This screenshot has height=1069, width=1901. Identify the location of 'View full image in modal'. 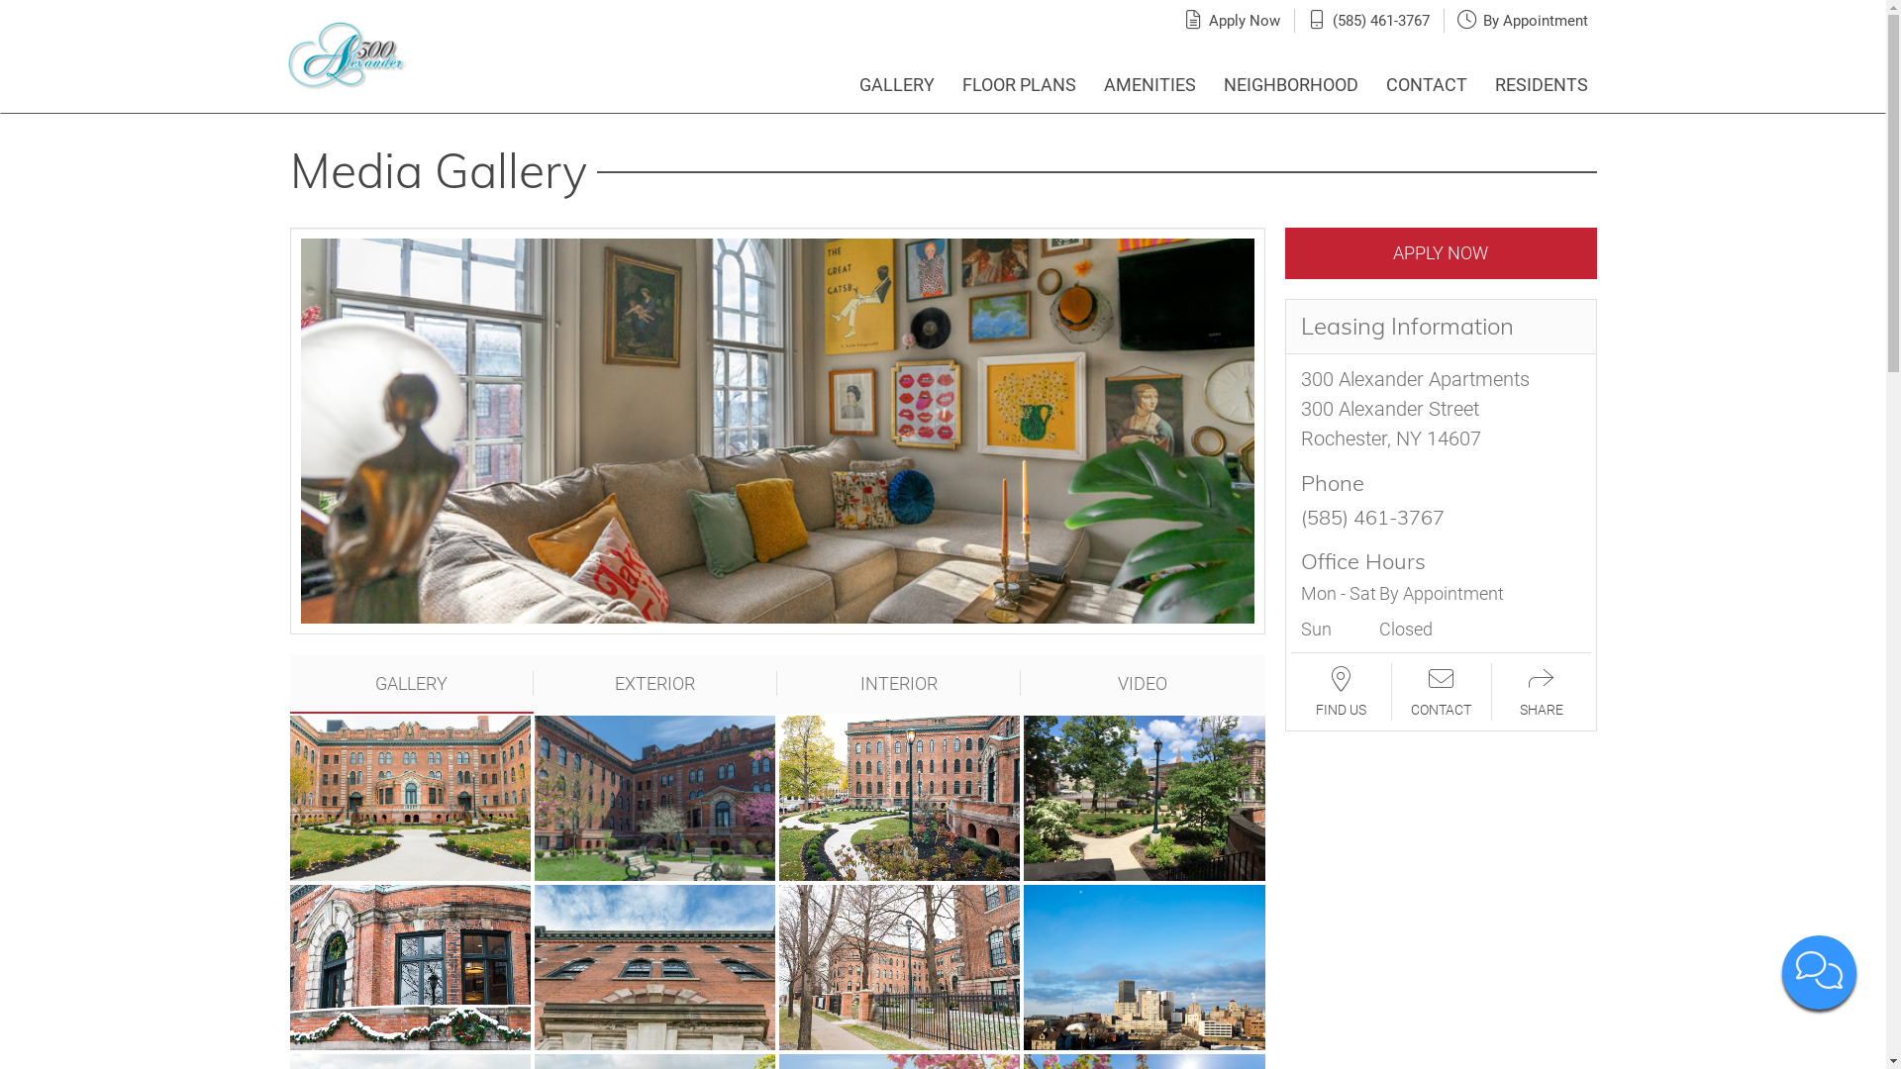
(408, 797).